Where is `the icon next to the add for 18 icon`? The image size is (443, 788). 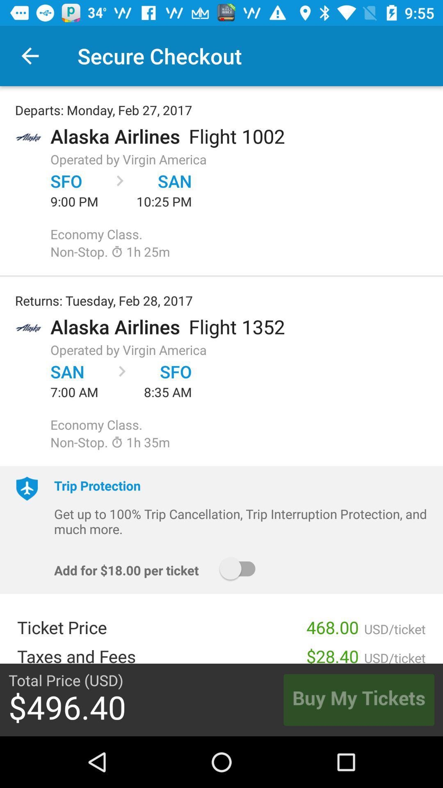 the icon next to the add for 18 icon is located at coordinates (241, 568).